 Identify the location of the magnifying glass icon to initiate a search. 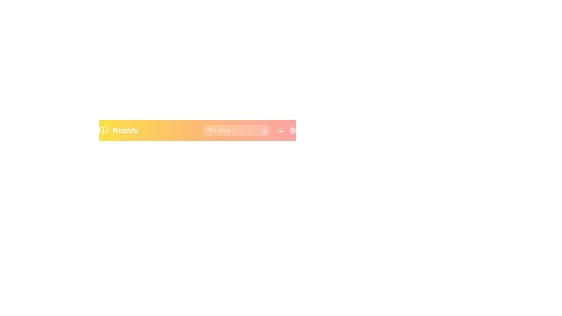
(264, 130).